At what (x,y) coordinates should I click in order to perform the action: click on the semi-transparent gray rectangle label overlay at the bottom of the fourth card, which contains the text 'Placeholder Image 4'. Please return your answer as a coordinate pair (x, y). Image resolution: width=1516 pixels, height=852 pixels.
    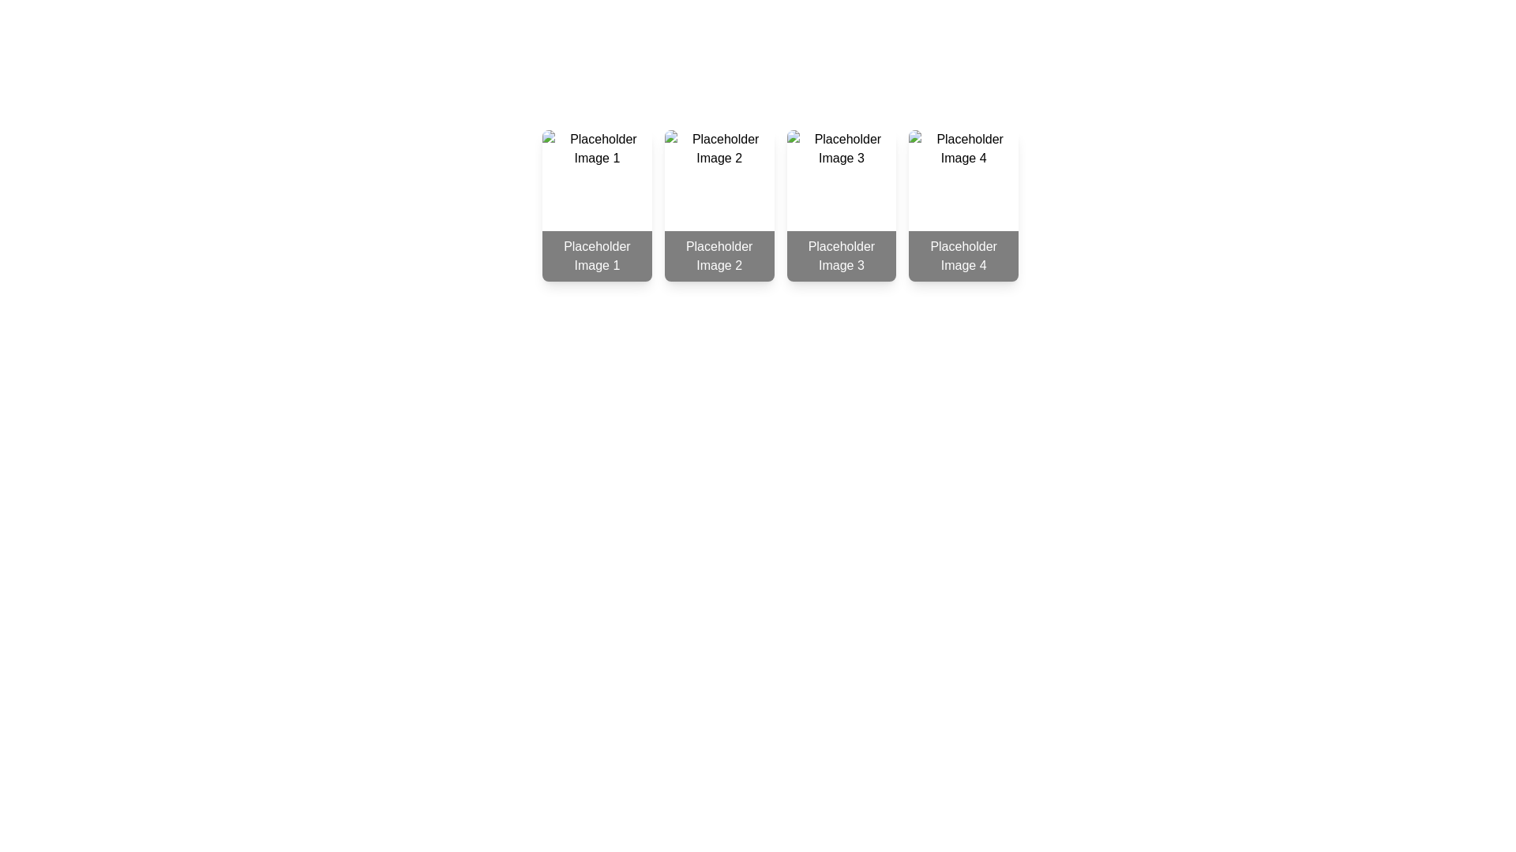
    Looking at the image, I should click on (963, 255).